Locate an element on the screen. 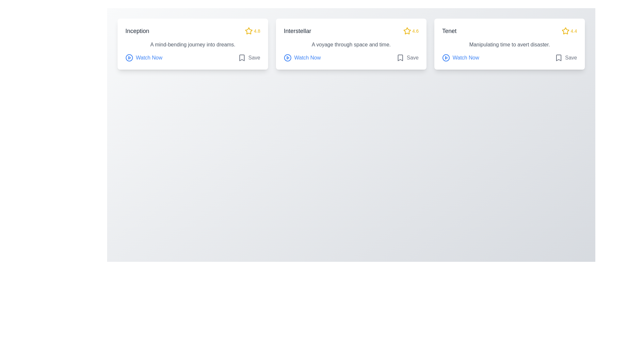 This screenshot has height=353, width=627. the circular play button icon with a blue outline and white triangle, which is part of the 'Watch Now' link for the 'Interstellar' card located in the middle of the row of three cards is located at coordinates (287, 58).